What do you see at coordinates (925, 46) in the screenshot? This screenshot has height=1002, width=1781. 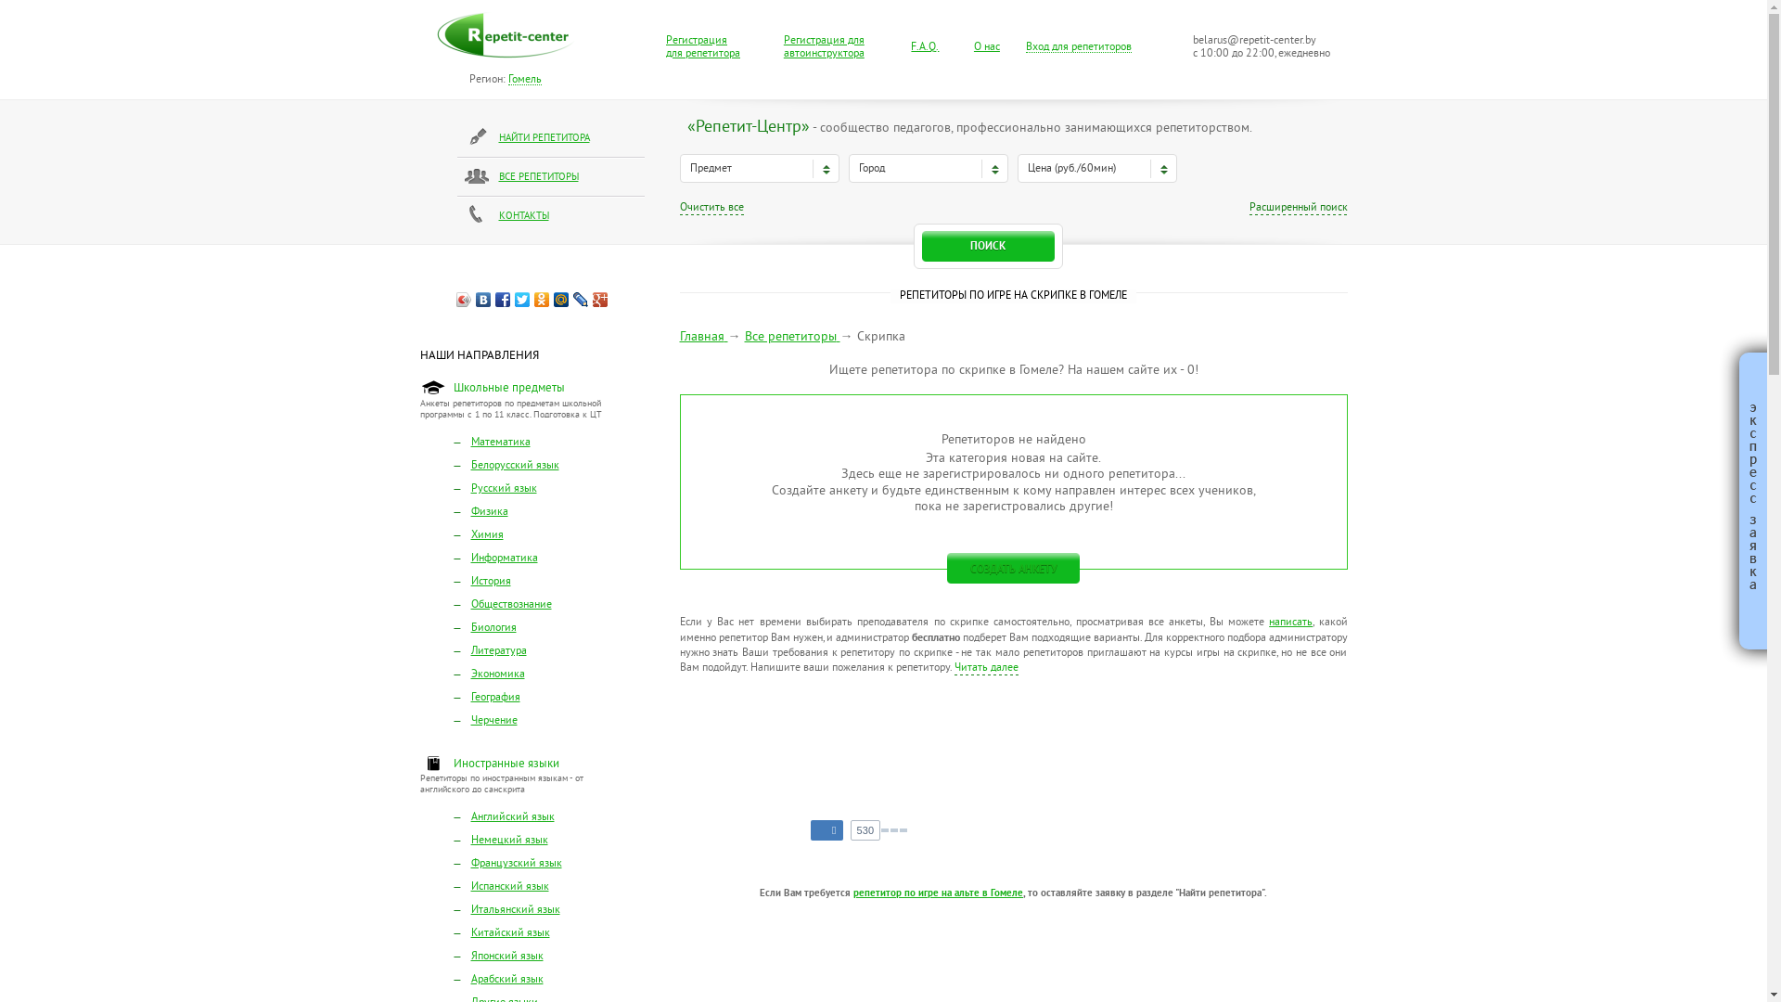 I see `'F.A.Q.'` at bounding box center [925, 46].